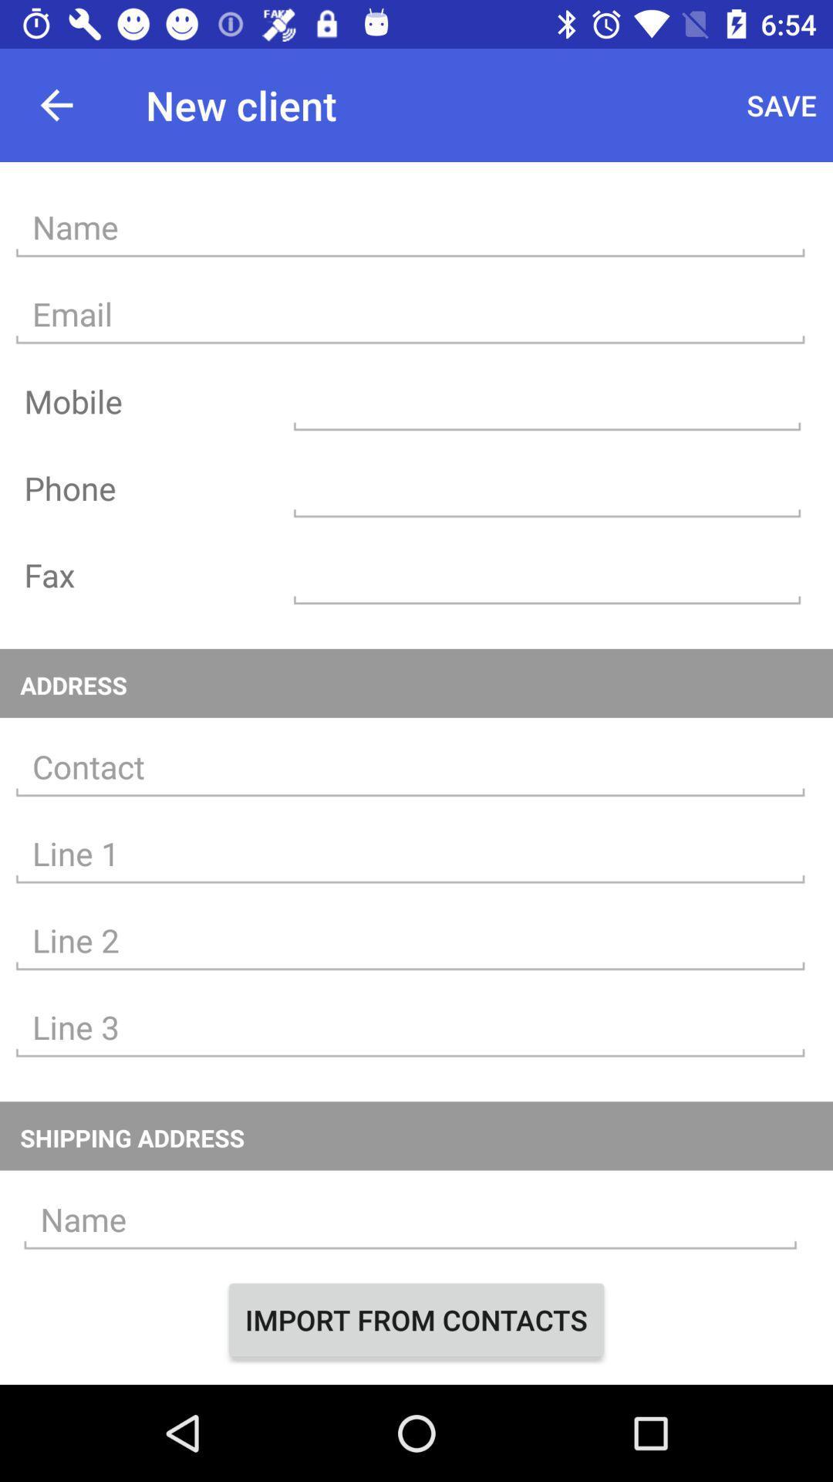 This screenshot has width=833, height=1482. Describe the element at coordinates (410, 767) in the screenshot. I see `icon below the address icon` at that location.